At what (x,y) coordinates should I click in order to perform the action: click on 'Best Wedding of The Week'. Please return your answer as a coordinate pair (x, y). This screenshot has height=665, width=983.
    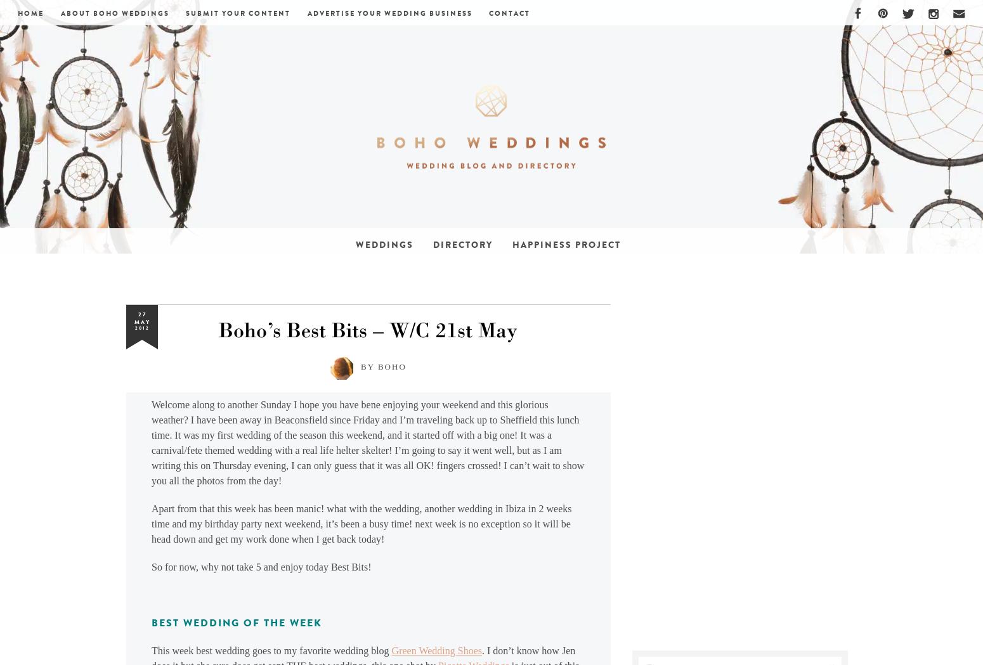
    Looking at the image, I should click on (236, 622).